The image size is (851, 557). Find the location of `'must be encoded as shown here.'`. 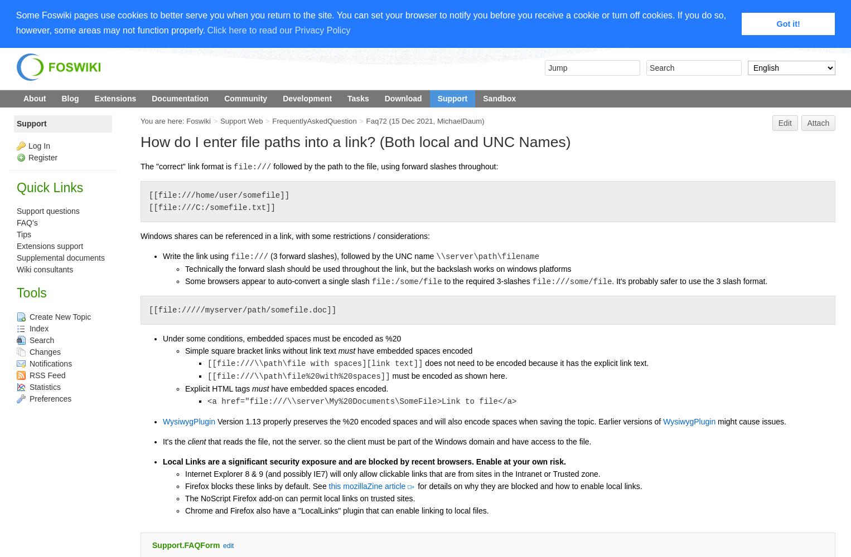

'must be encoded as shown here.' is located at coordinates (448, 376).